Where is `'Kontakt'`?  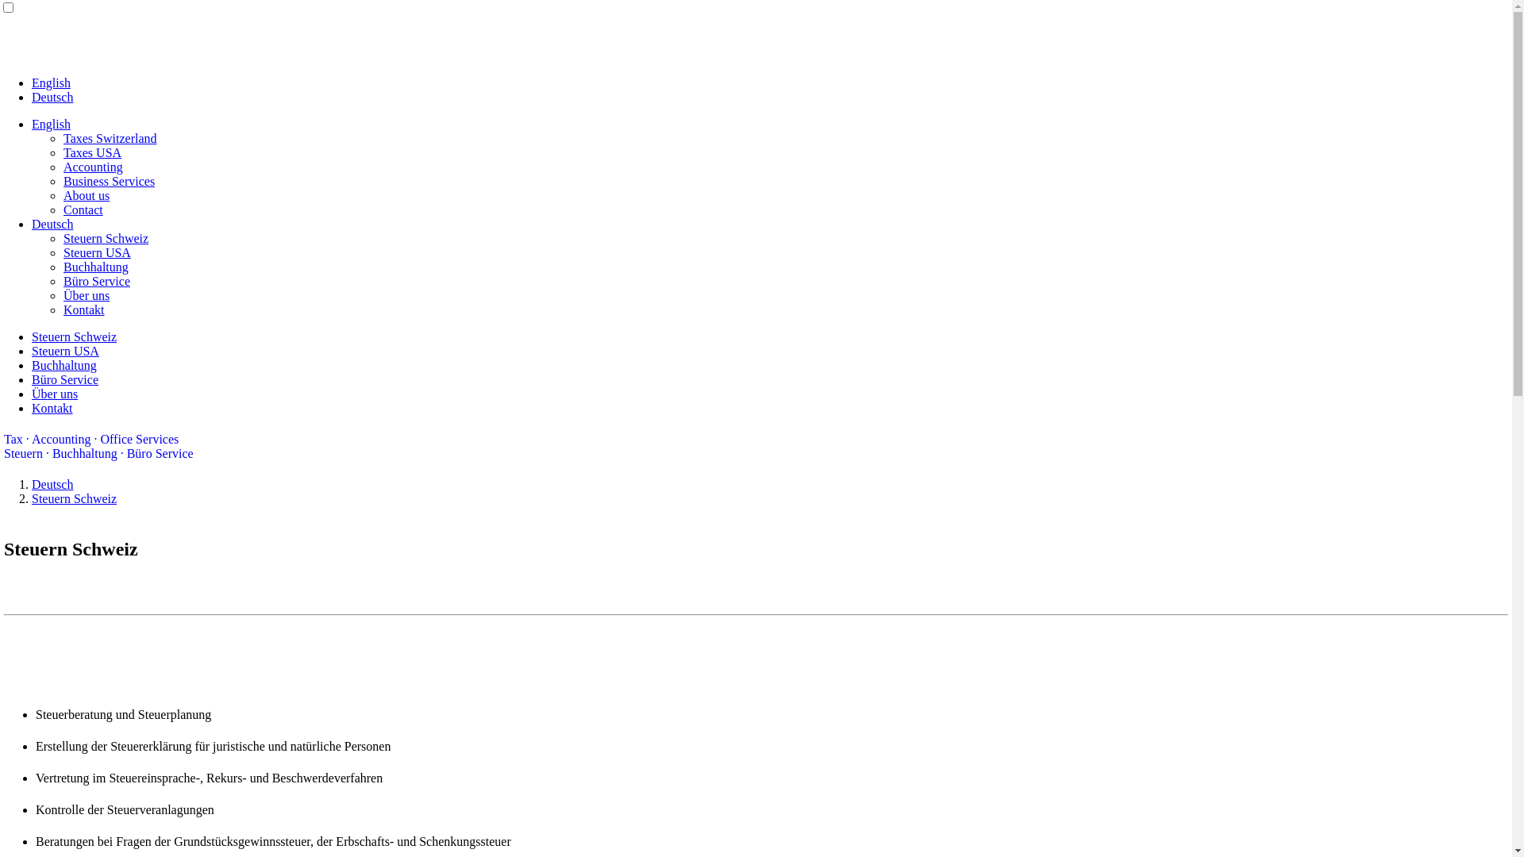 'Kontakt' is located at coordinates (83, 309).